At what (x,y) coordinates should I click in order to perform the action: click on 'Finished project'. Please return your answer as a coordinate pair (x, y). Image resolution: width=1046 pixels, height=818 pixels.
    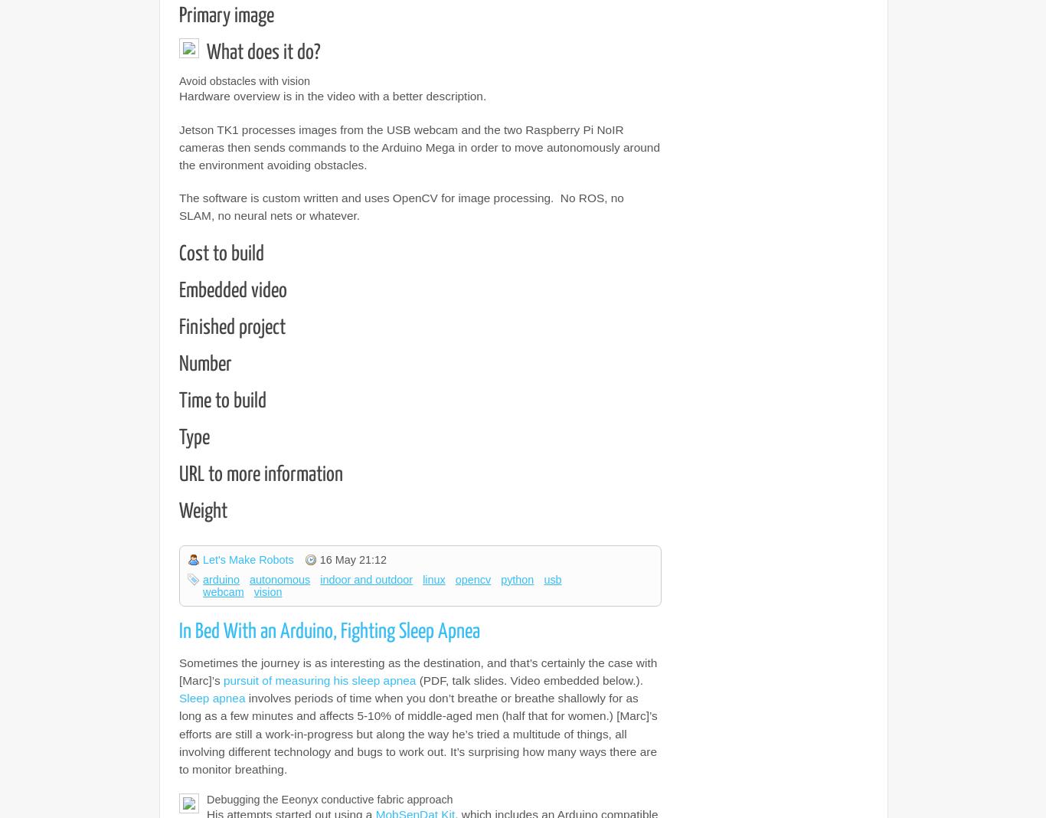
    Looking at the image, I should click on (232, 328).